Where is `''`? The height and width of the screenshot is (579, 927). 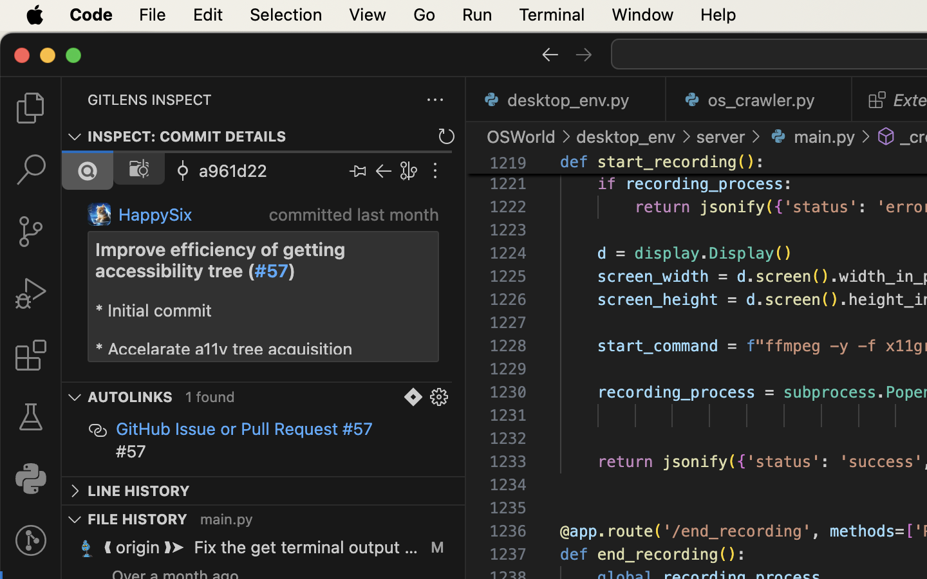
'' is located at coordinates (438, 398).